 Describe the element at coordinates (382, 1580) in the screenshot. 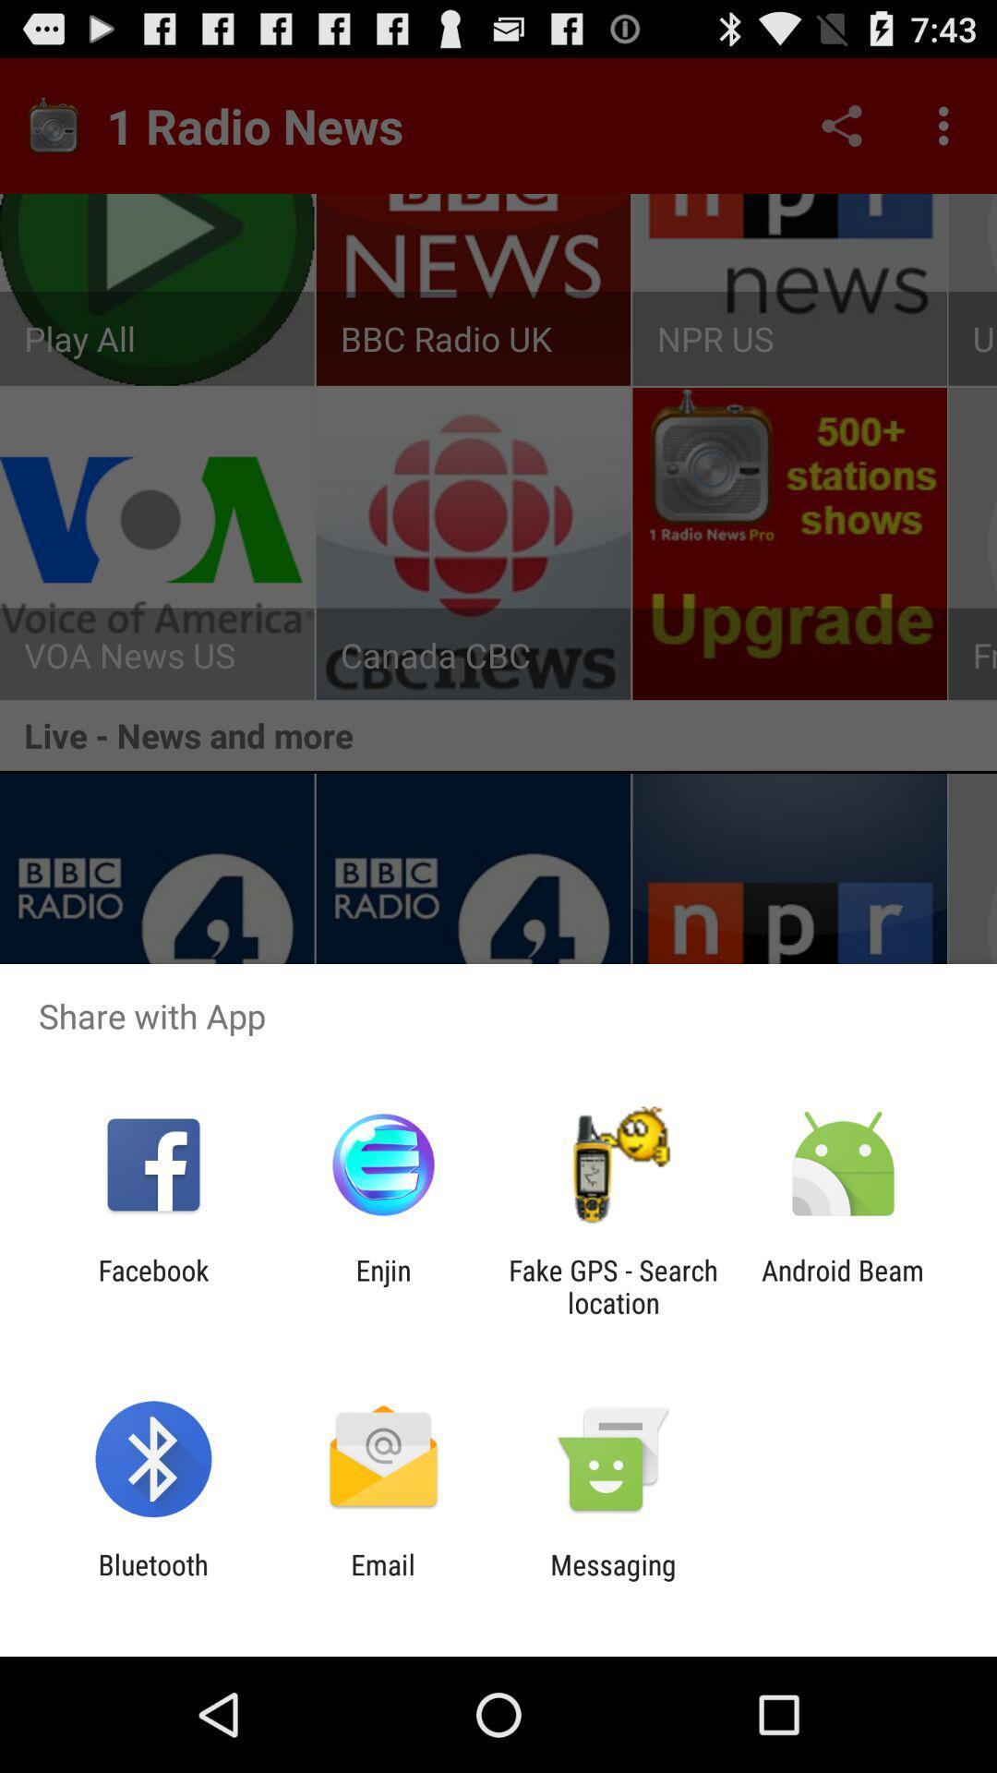

I see `icon next to messaging item` at that location.